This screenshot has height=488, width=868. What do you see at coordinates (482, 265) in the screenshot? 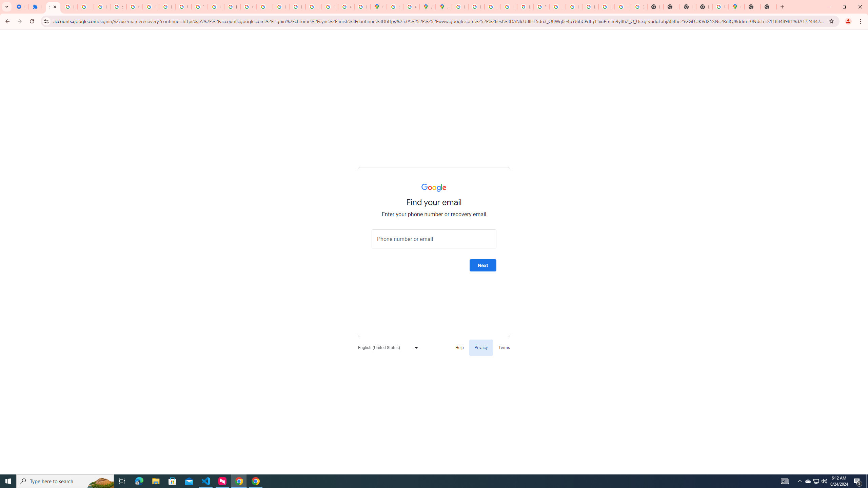
I see `'Next'` at bounding box center [482, 265].